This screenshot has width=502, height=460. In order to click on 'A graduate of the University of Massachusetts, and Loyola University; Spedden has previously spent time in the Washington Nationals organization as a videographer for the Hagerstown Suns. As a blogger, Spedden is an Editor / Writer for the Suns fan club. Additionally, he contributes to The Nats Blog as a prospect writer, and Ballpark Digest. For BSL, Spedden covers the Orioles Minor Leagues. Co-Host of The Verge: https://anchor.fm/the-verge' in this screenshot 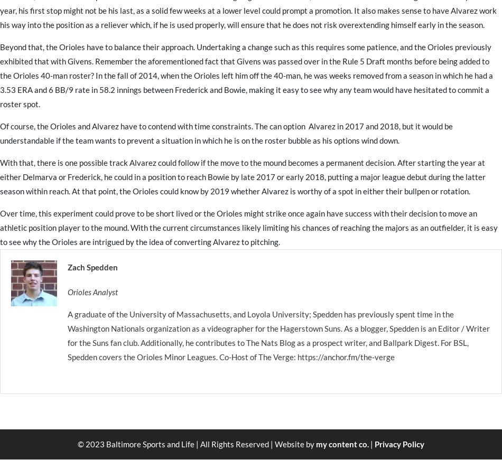, I will do `click(278, 335)`.